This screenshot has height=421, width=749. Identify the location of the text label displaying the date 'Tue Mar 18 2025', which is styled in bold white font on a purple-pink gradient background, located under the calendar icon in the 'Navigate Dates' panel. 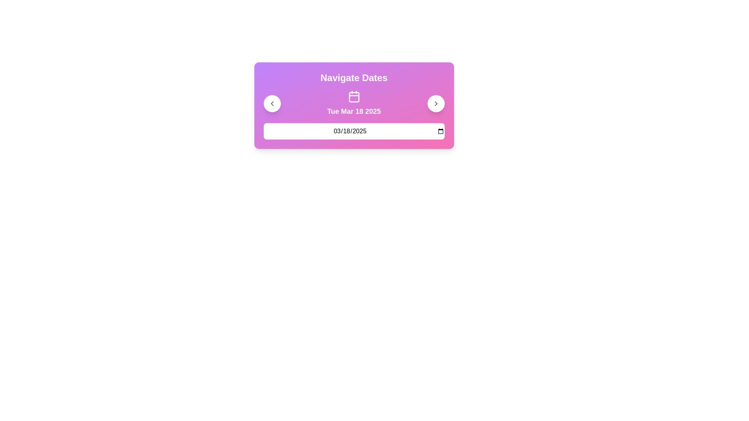
(353, 111).